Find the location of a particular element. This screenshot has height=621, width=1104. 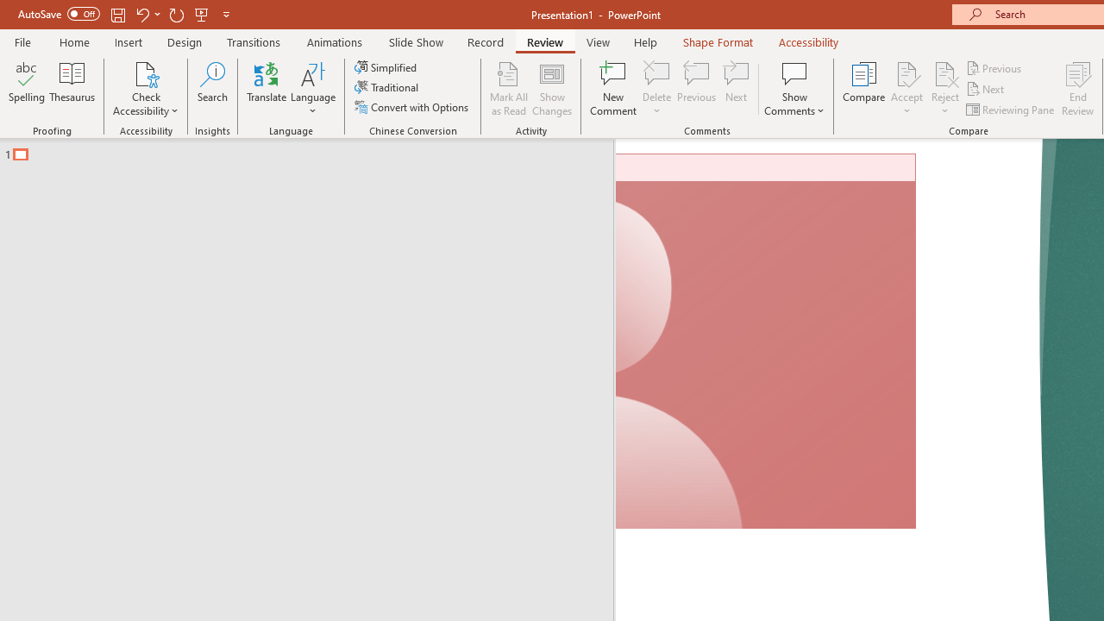

'End Review' is located at coordinates (1076, 89).